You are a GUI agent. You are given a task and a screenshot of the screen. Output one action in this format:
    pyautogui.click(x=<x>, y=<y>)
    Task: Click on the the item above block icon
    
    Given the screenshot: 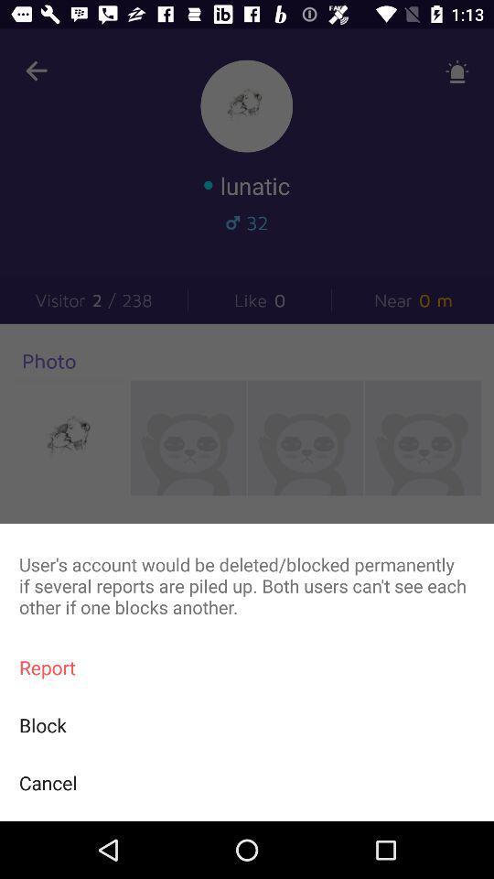 What is the action you would take?
    pyautogui.click(x=247, y=667)
    